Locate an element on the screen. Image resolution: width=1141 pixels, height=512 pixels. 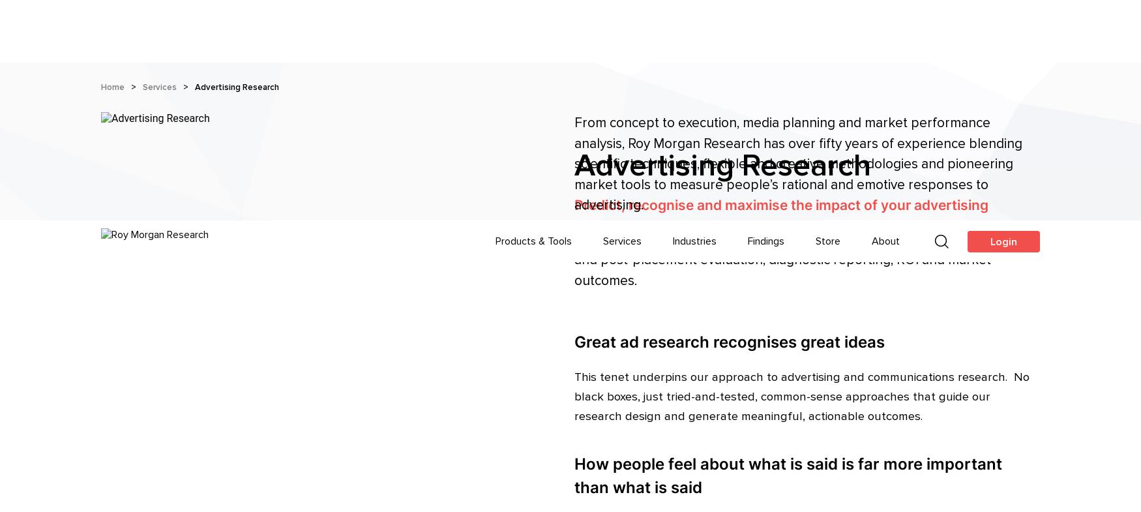
'How people feel about what is said is far more important than what is said' is located at coordinates (573, 254).